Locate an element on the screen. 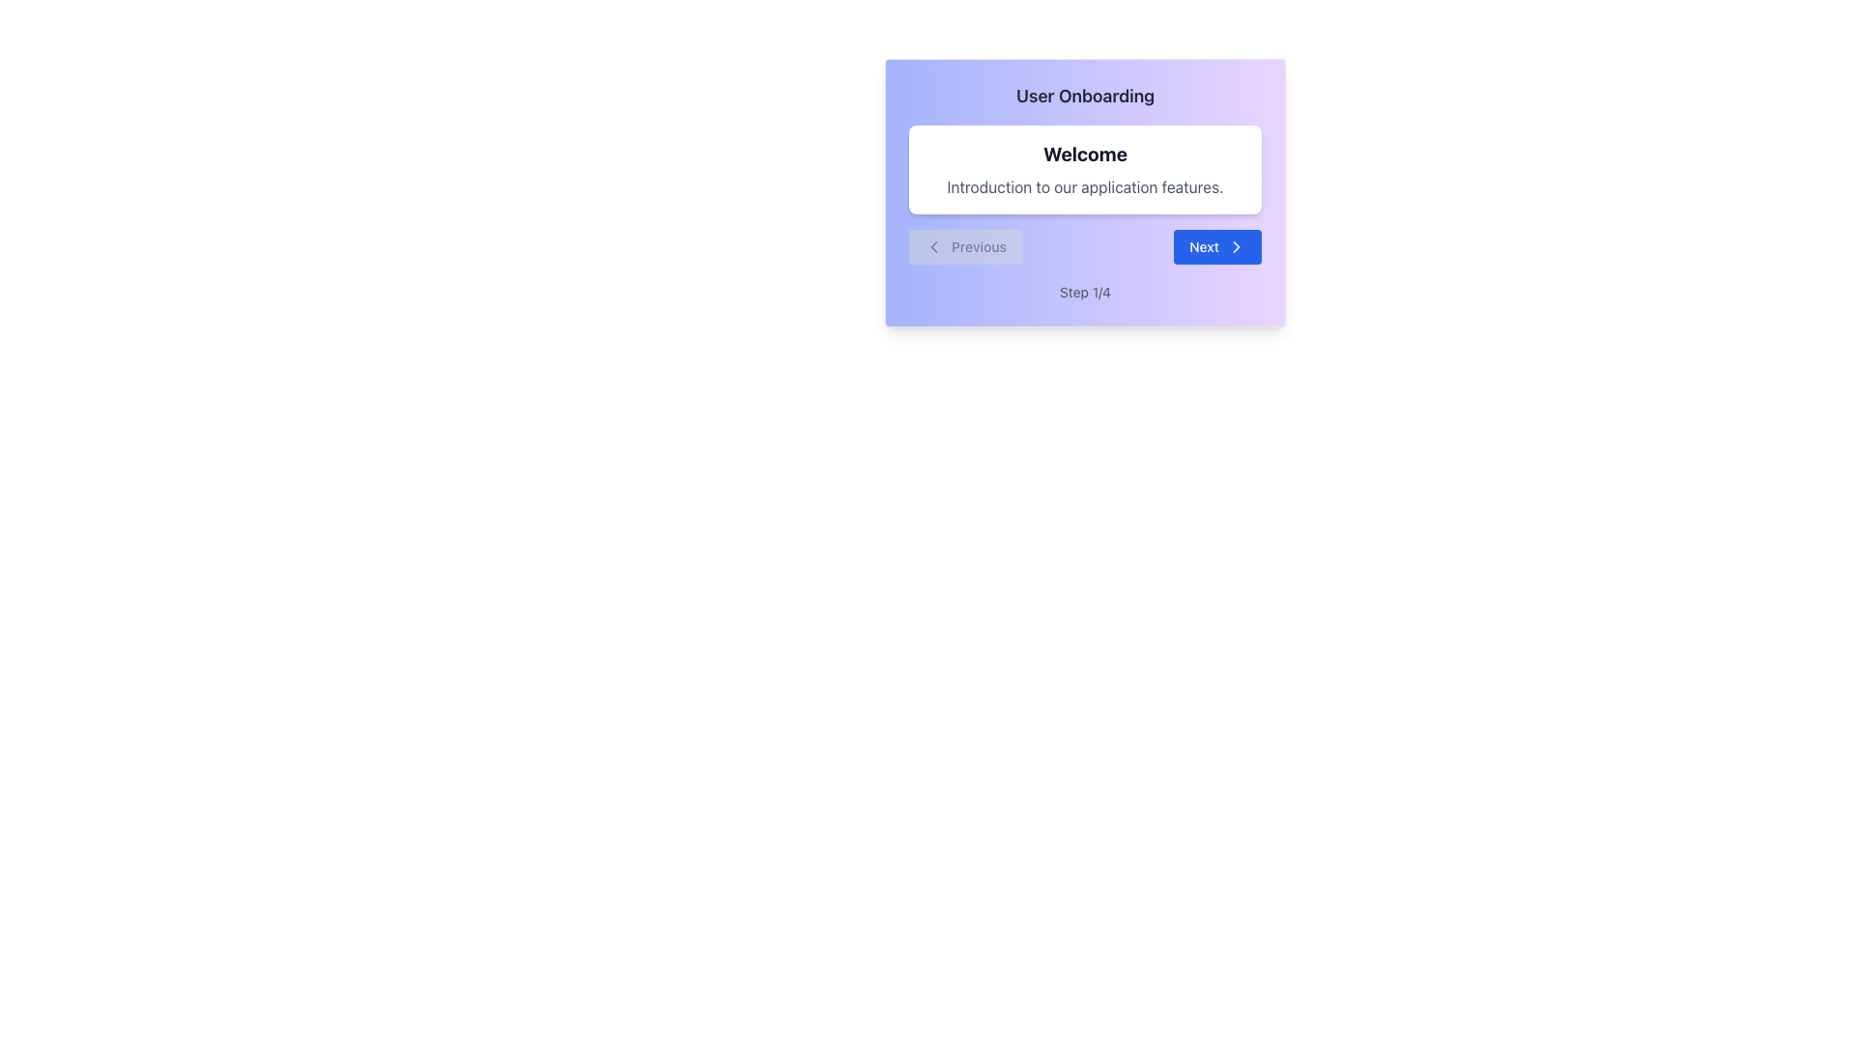 The width and height of the screenshot is (1855, 1043). the 'Welcome' static text header, which is styled in bold, dark gray font and is positioned at the top of the onboarding modal is located at coordinates (1085, 153).